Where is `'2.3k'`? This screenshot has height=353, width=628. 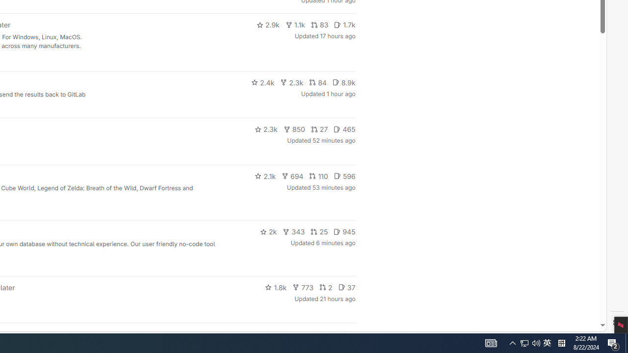 '2.3k' is located at coordinates (266, 128).